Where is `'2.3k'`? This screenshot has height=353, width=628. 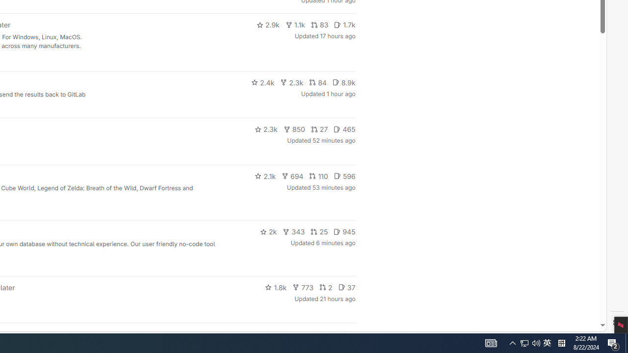 '2.3k' is located at coordinates (266, 128).